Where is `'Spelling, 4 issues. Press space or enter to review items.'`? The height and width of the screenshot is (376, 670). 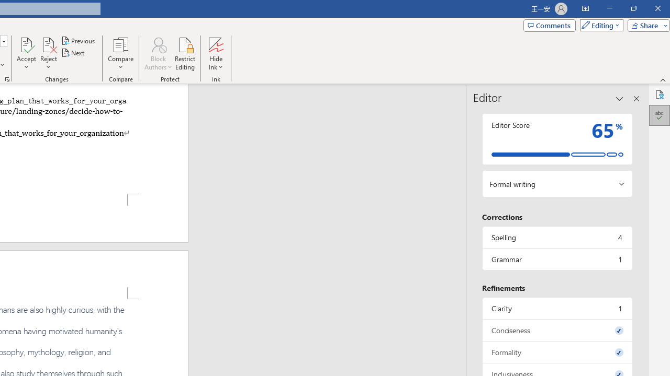
'Spelling, 4 issues. Press space or enter to review items.' is located at coordinates (556, 237).